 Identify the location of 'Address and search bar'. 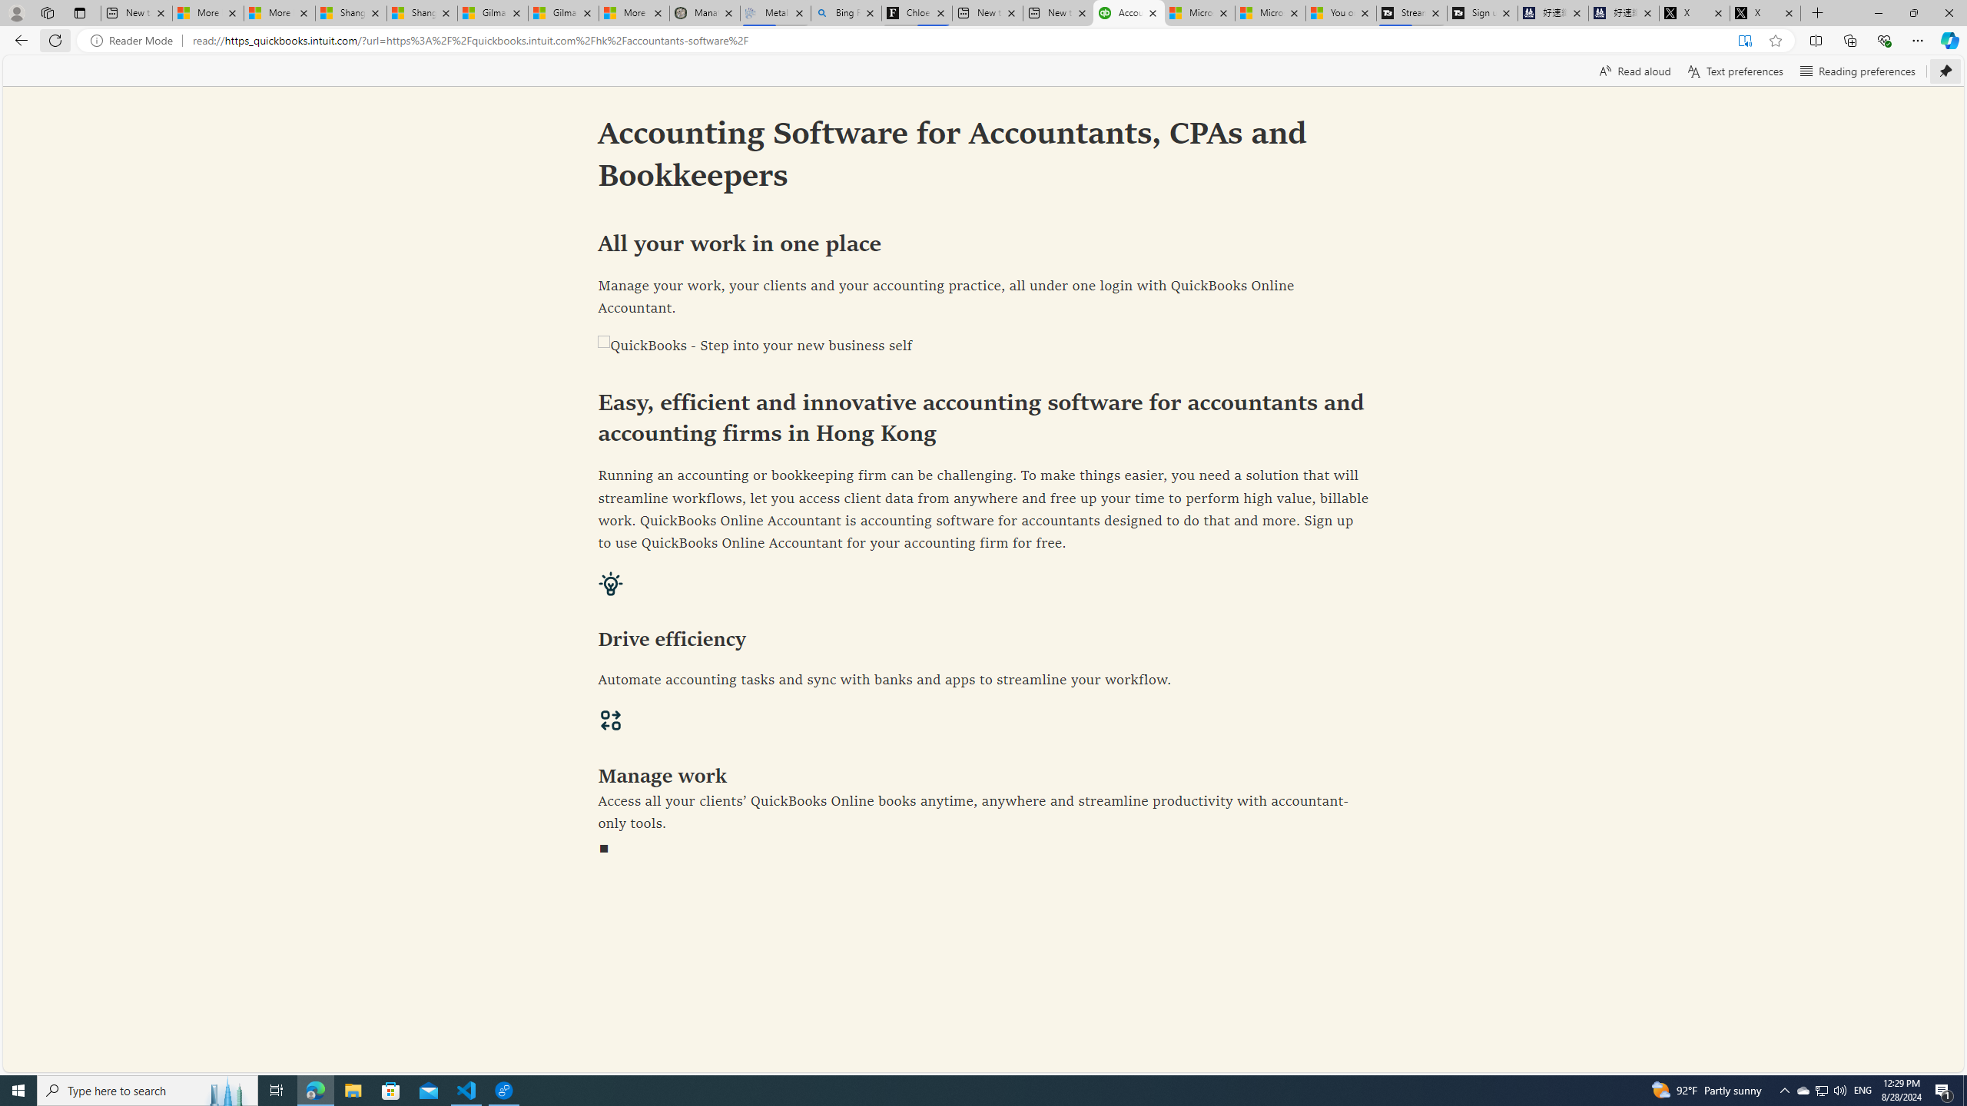
(958, 41).